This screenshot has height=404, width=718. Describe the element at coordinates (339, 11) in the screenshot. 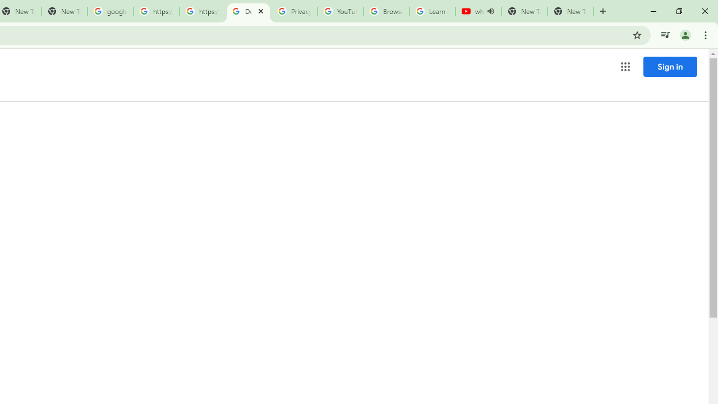

I see `'YouTube'` at that location.